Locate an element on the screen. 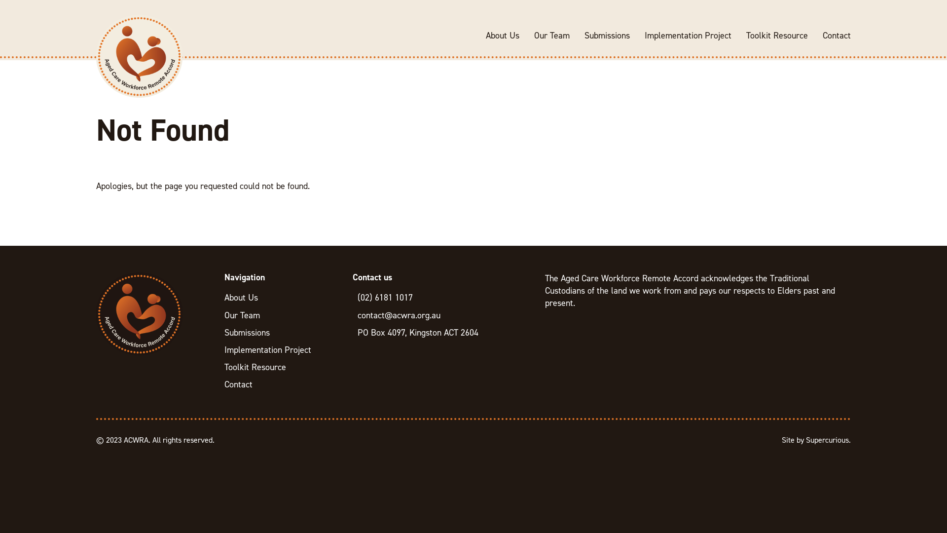 This screenshot has height=533, width=947. 'Toolkit Resource' is located at coordinates (776, 35).